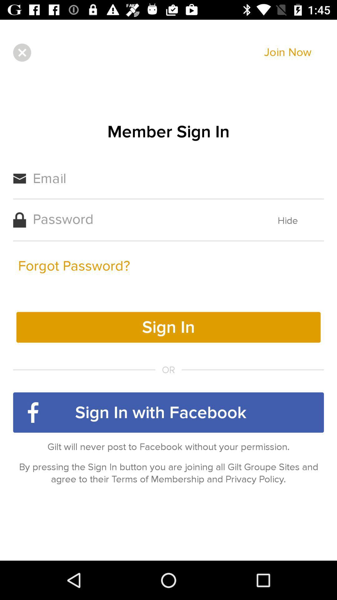 This screenshot has width=337, height=600. I want to click on the forgot password? icon, so click(74, 266).